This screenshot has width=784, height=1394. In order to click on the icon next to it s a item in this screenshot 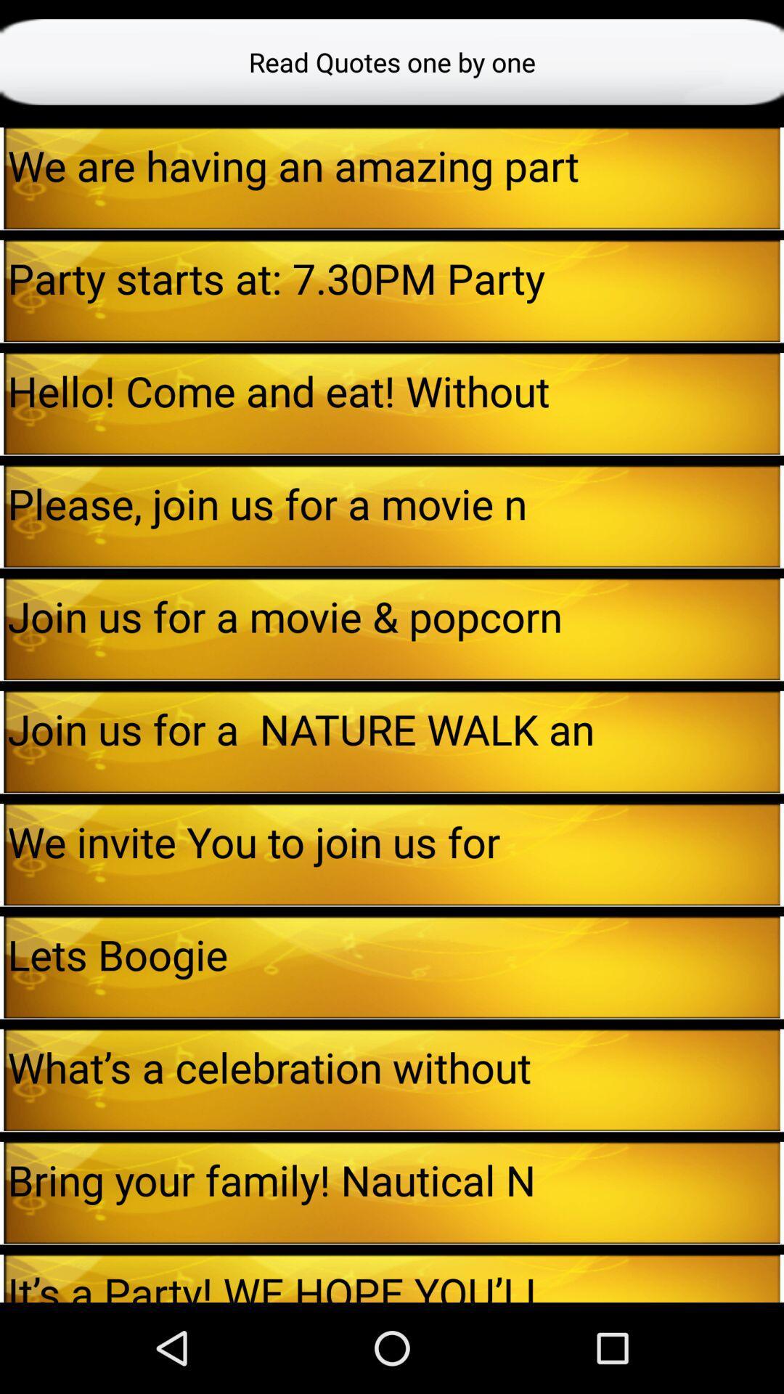, I will do `click(781, 1279)`.